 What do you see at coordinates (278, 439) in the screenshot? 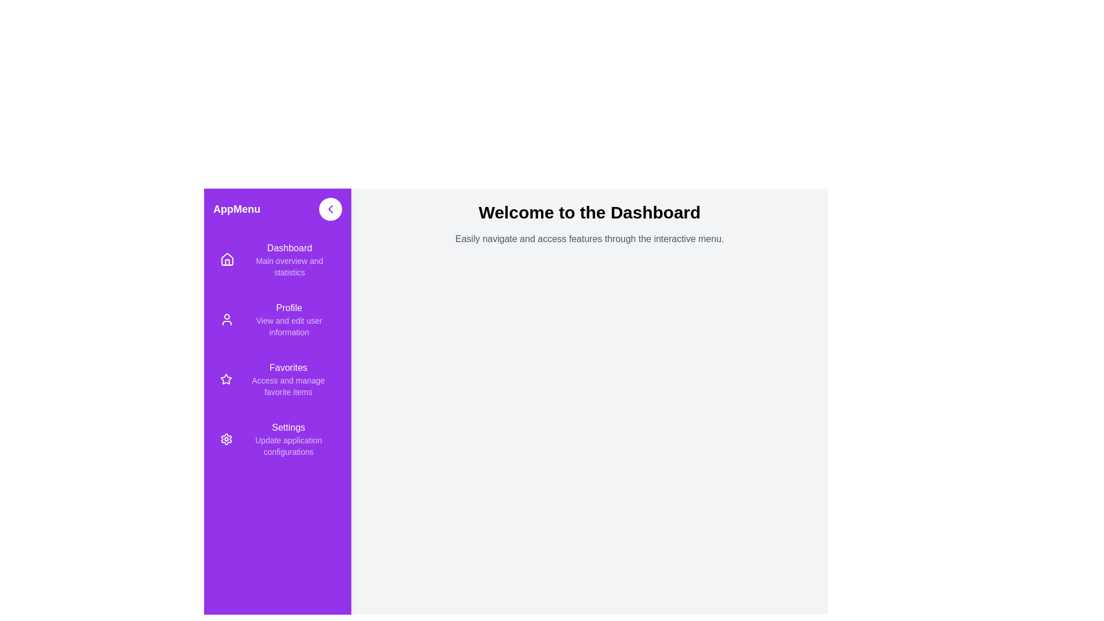
I see `the menu item Settings to highlight it` at bounding box center [278, 439].